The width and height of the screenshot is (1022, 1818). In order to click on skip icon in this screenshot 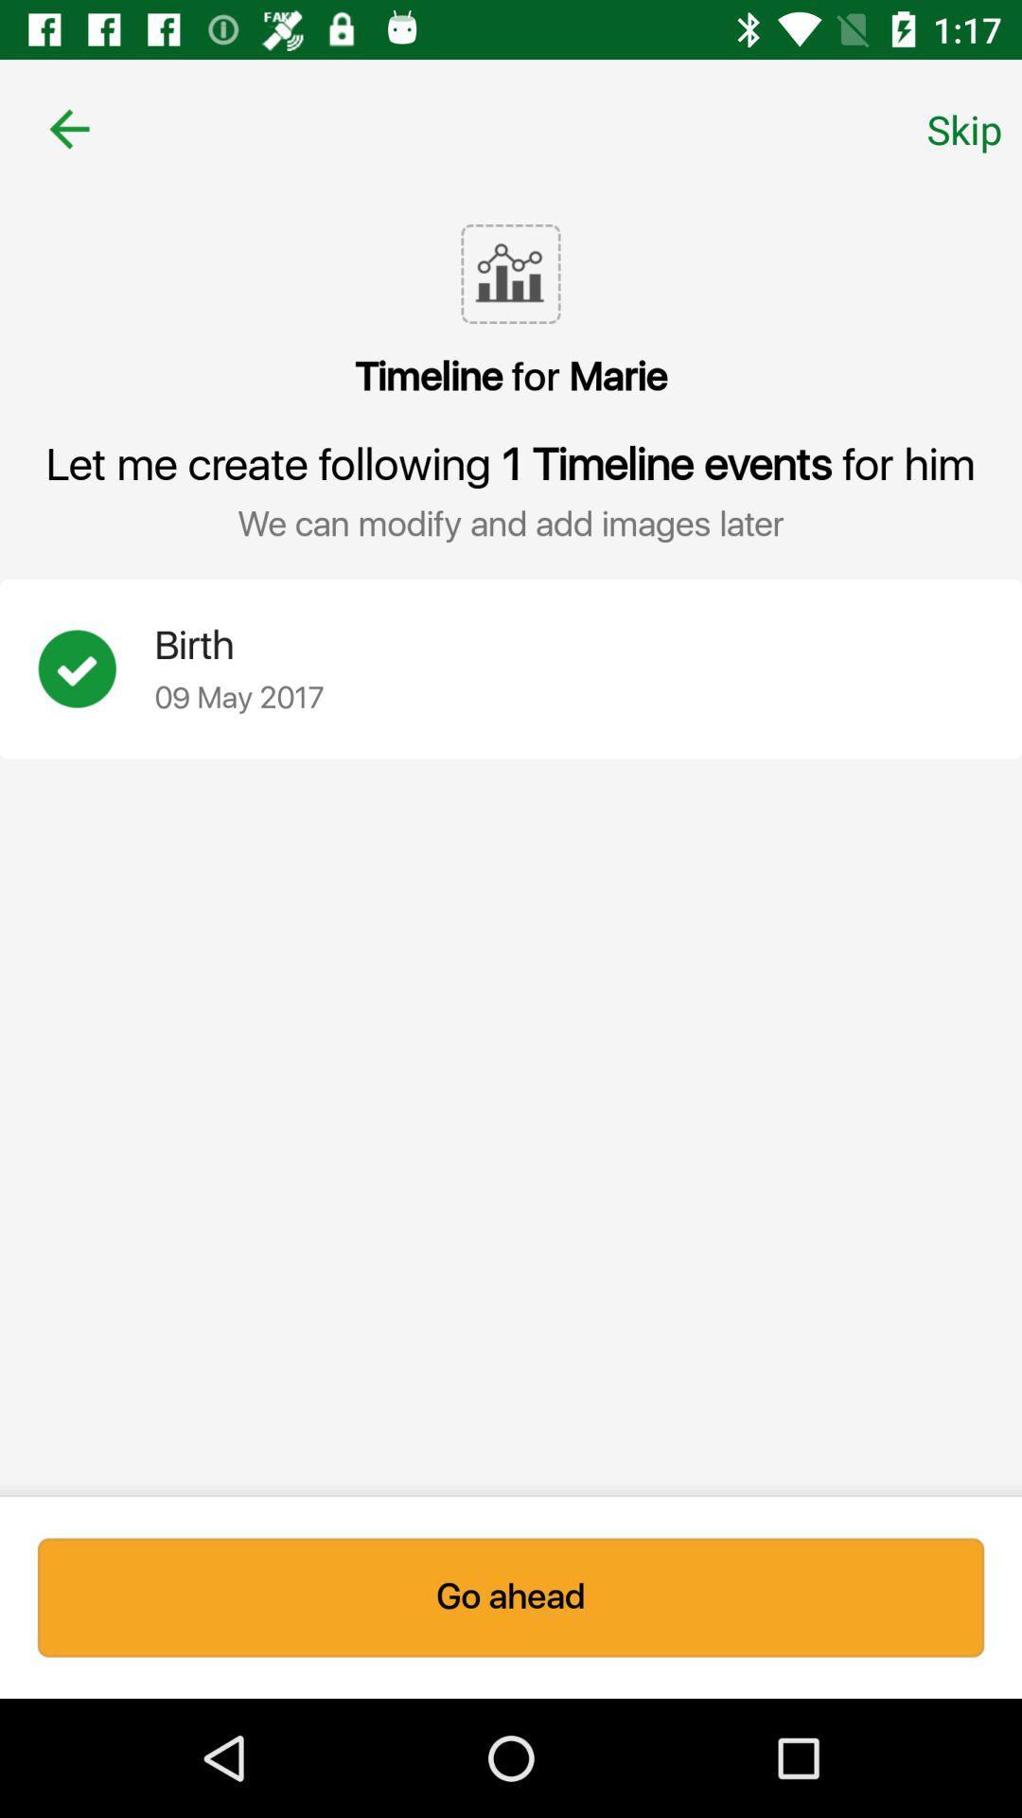, I will do `click(964, 128)`.